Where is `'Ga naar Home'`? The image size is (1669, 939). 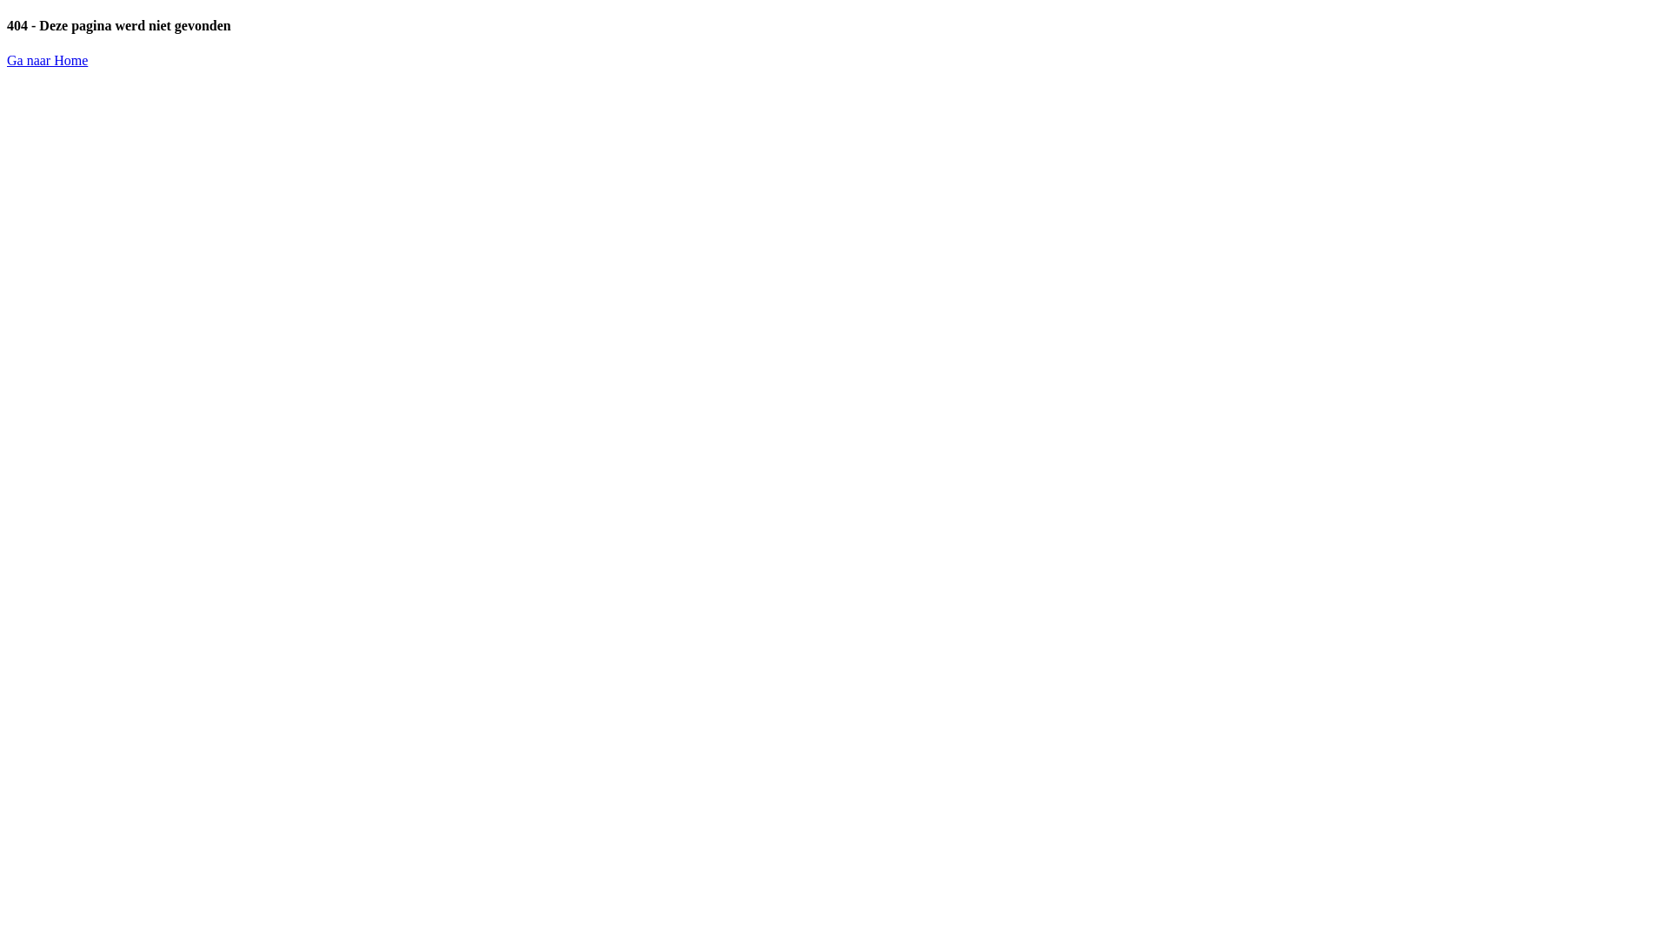
'Ga naar Home' is located at coordinates (47, 59).